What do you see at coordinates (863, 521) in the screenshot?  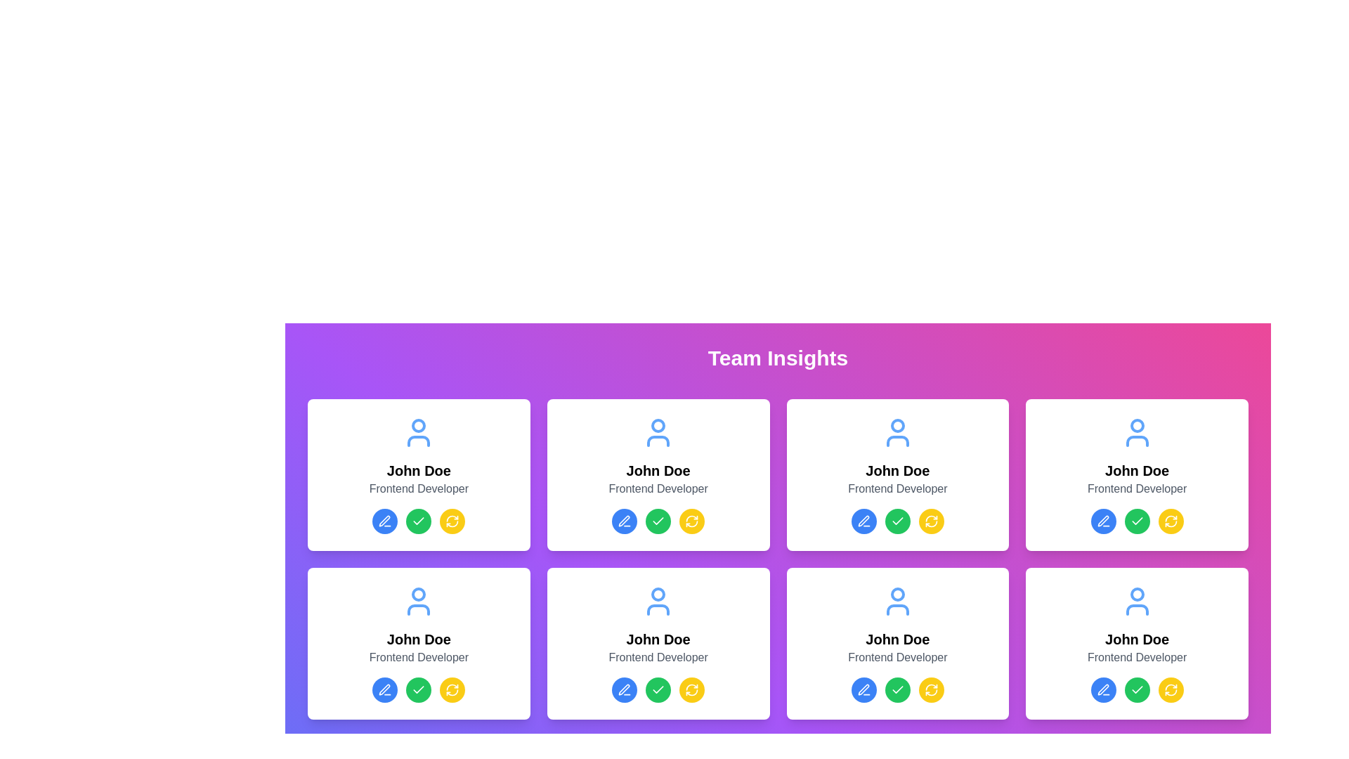 I see `the edit icon element, which is stylized as a pen and located in the leftmost position of the icon group in the second profile card of the first row of the grid` at bounding box center [863, 521].